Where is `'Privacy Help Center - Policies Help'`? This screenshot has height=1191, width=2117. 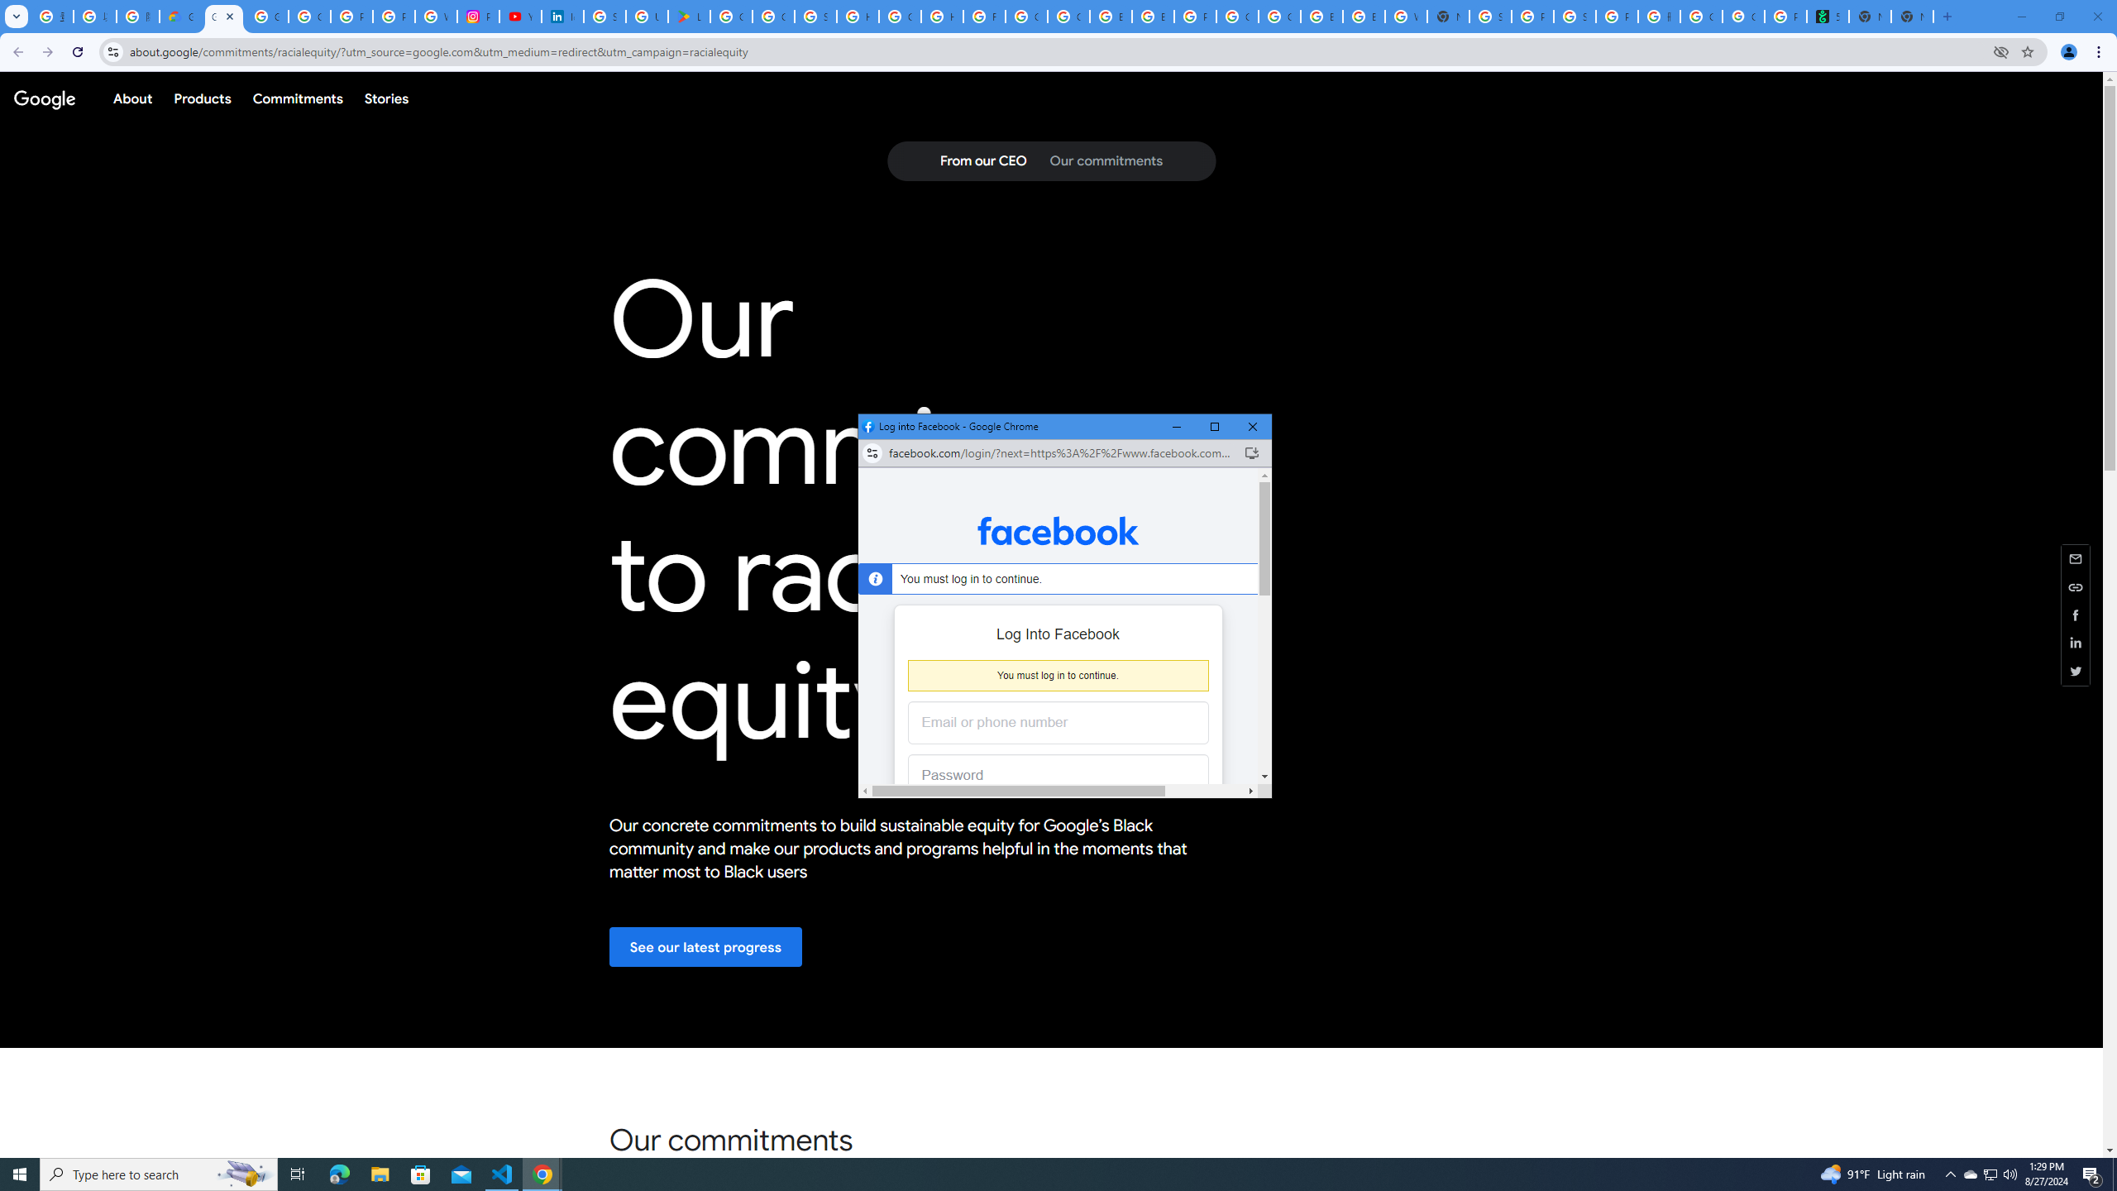
'Privacy Help Center - Policies Help' is located at coordinates (394, 16).